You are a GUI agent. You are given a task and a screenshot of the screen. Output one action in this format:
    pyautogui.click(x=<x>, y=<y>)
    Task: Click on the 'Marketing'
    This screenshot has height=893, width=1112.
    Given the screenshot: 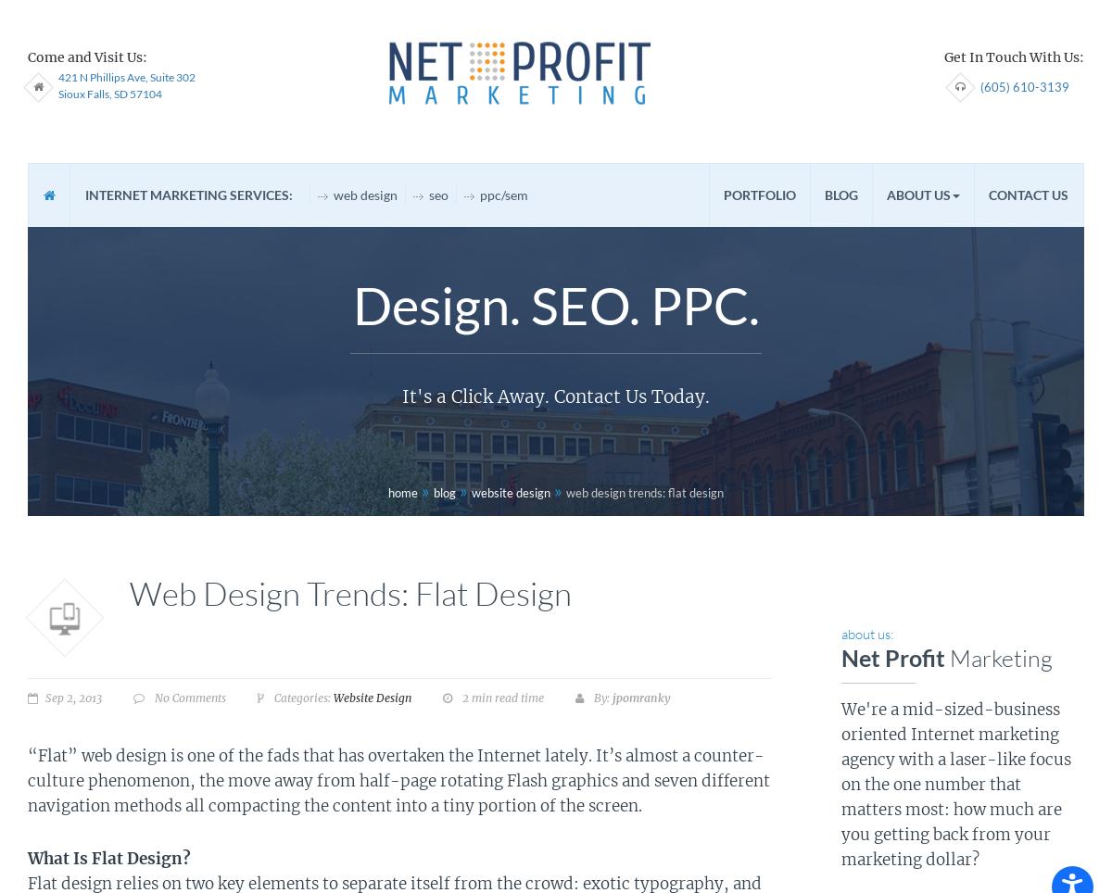 What is the action you would take?
    pyautogui.click(x=997, y=657)
    